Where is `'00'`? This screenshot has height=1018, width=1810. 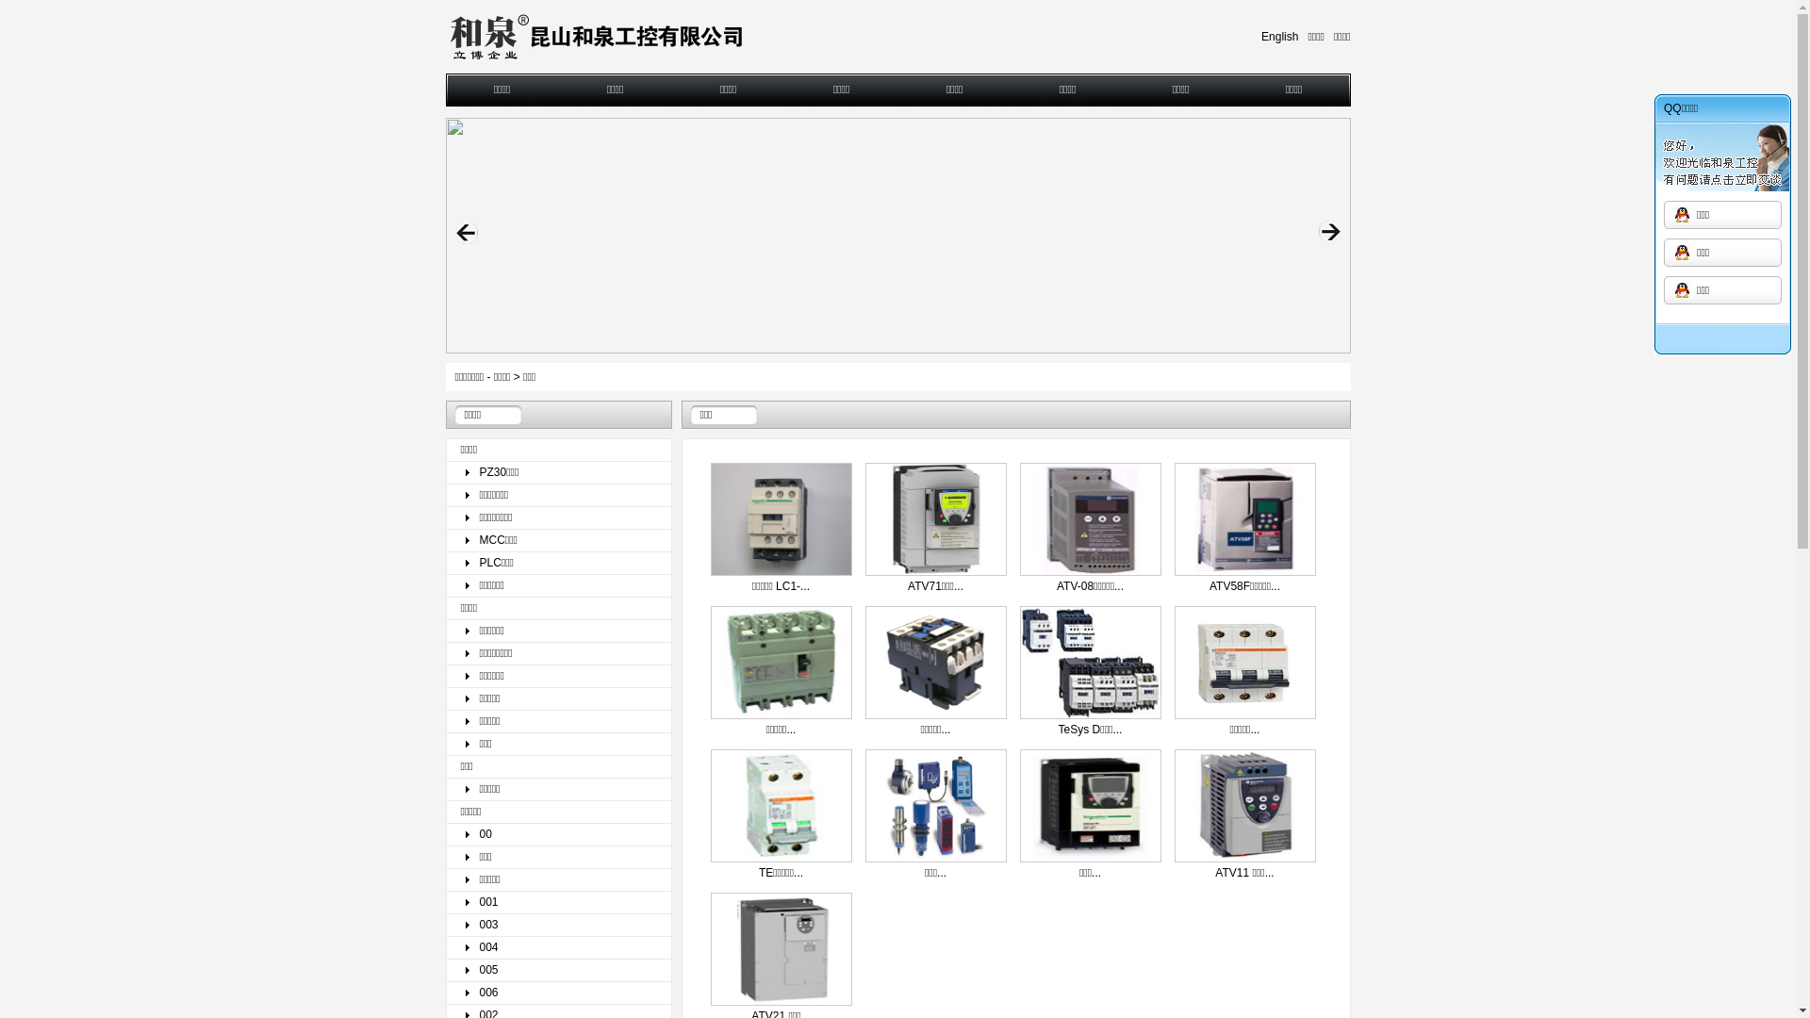 '00' is located at coordinates (558, 833).